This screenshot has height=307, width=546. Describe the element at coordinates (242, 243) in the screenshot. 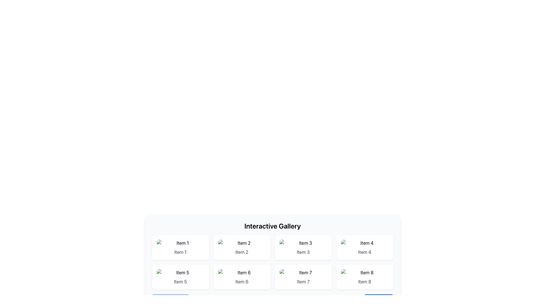

I see `the image representing 'Item 2' in the gallery layout` at that location.